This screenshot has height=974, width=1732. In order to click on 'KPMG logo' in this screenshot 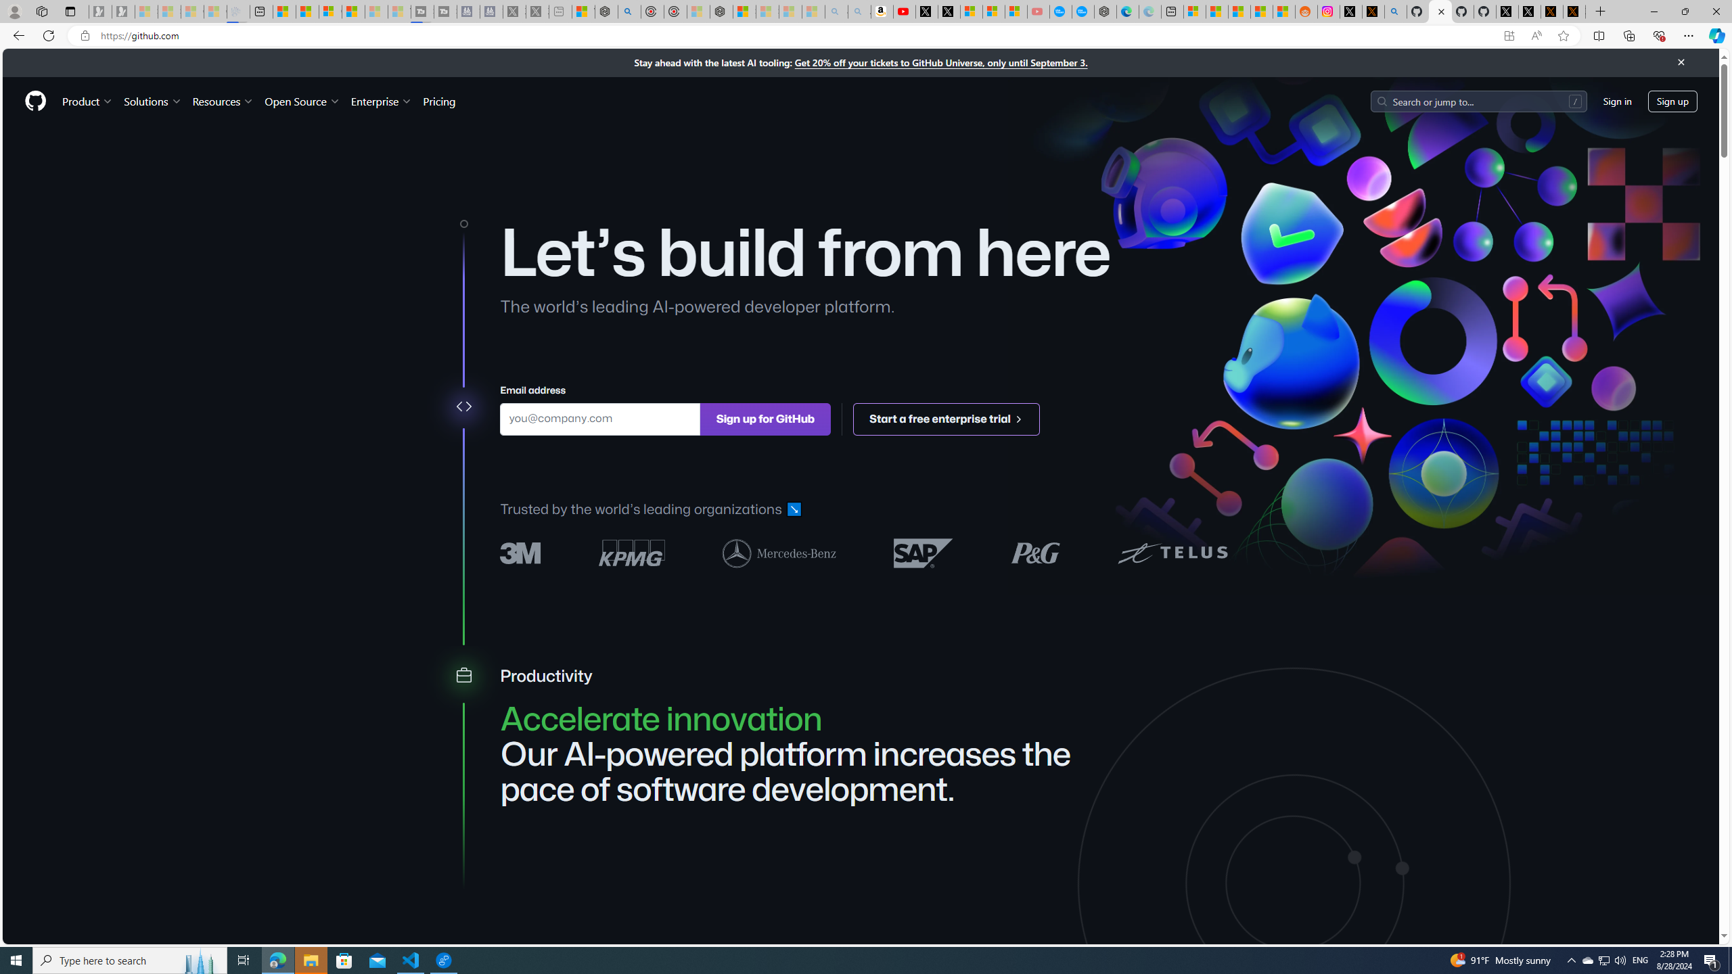, I will do `click(631, 552)`.